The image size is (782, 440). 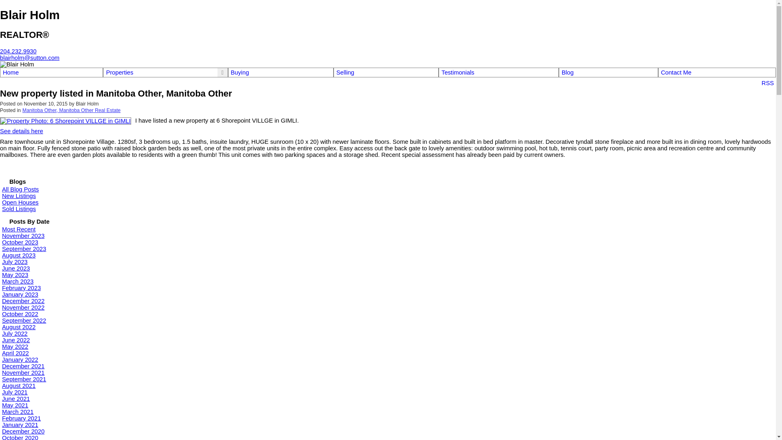 What do you see at coordinates (2, 405) in the screenshot?
I see `'May 2021'` at bounding box center [2, 405].